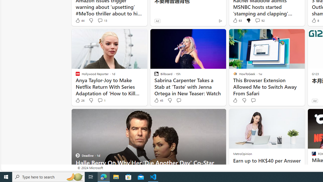 The image size is (323, 182). What do you see at coordinates (260, 20) in the screenshot?
I see `'View comments 92 Comment'` at bounding box center [260, 20].